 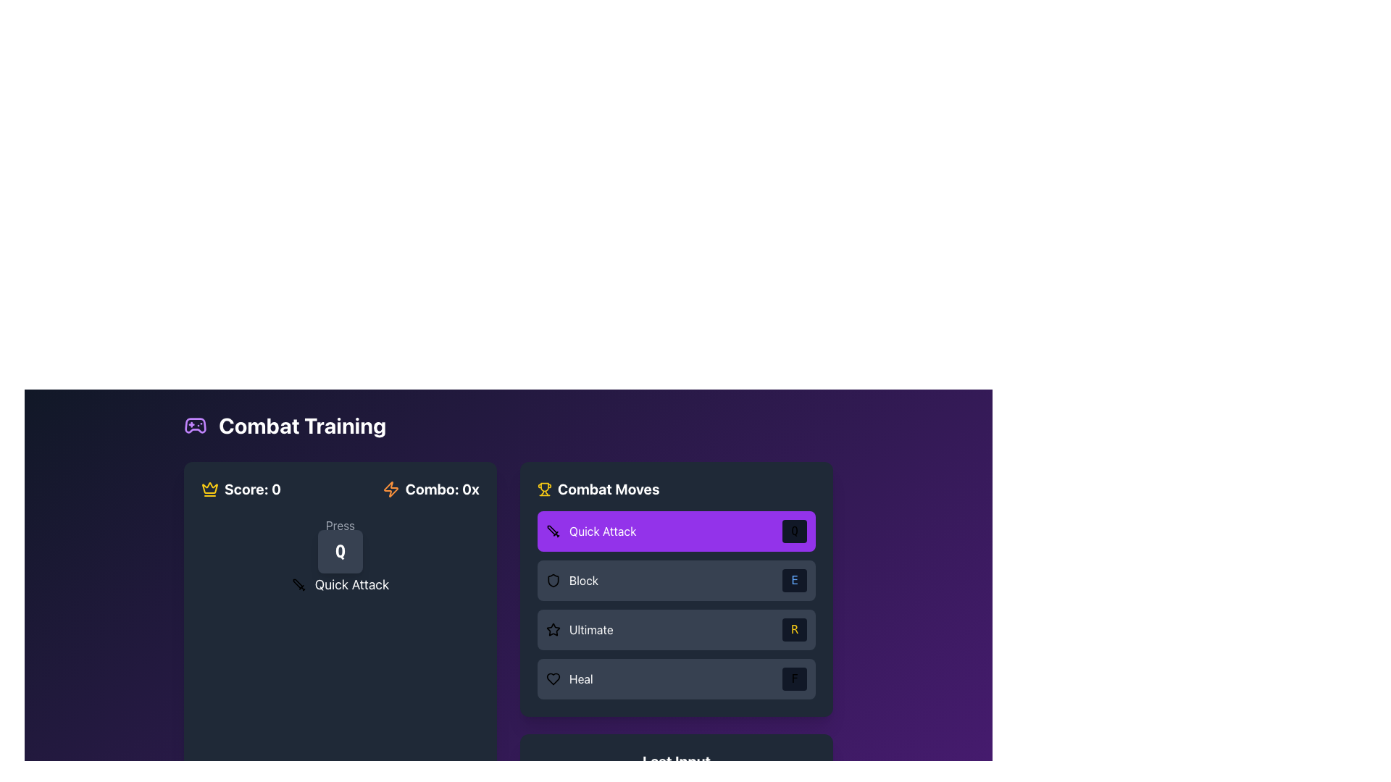 What do you see at coordinates (340, 539) in the screenshot?
I see `the Keybinding Indicator for 'Quick Attack', which visually indicates the key 'Q' to press for the action. This element is located in the center of the left section of the interface, above the text 'Quick Attack'` at bounding box center [340, 539].